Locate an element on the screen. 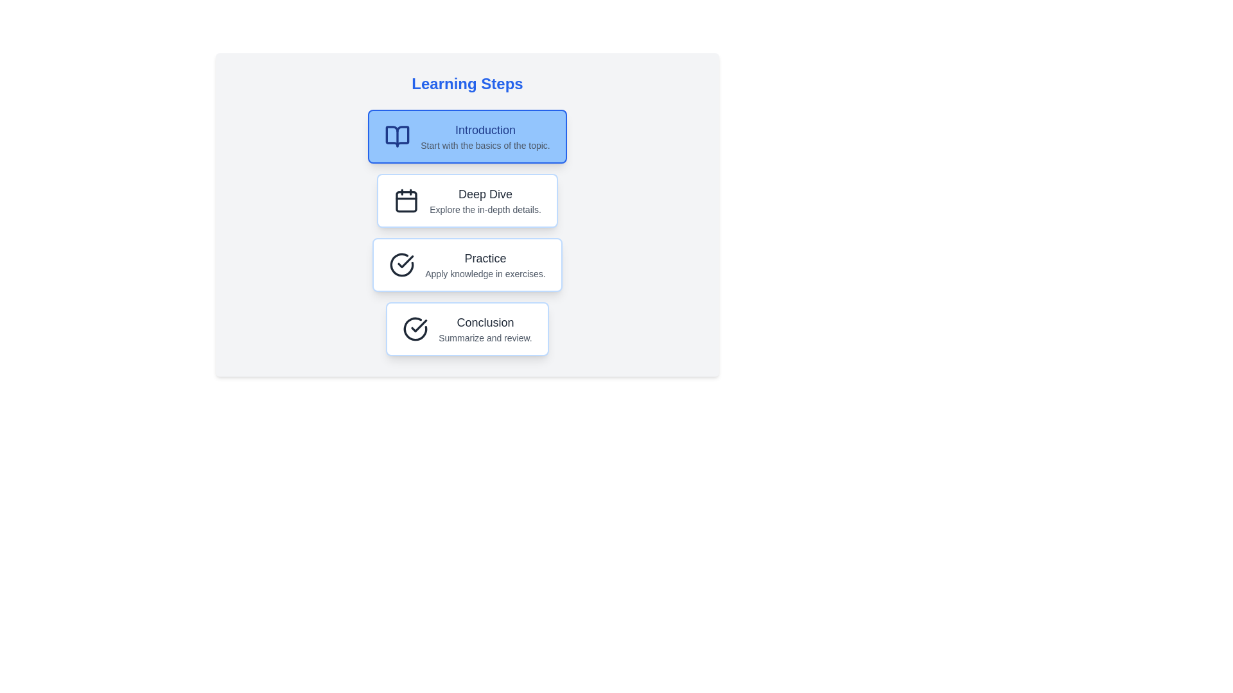 The width and height of the screenshot is (1233, 693). the text label displaying 'Summarize and review' which is positioned beneath the 'Conclusion' text within the 'Conclusion' card is located at coordinates (484, 338).